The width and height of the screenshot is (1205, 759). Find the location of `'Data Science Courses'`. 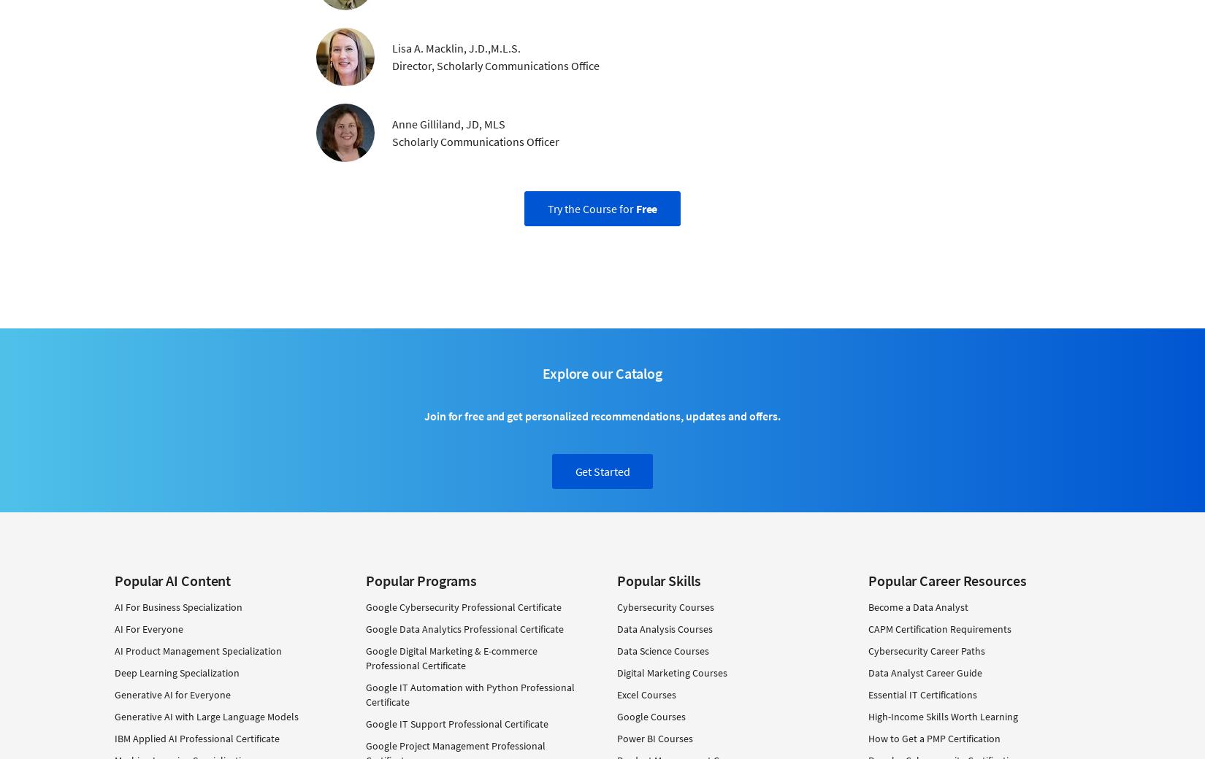

'Data Science Courses' is located at coordinates (662, 649).